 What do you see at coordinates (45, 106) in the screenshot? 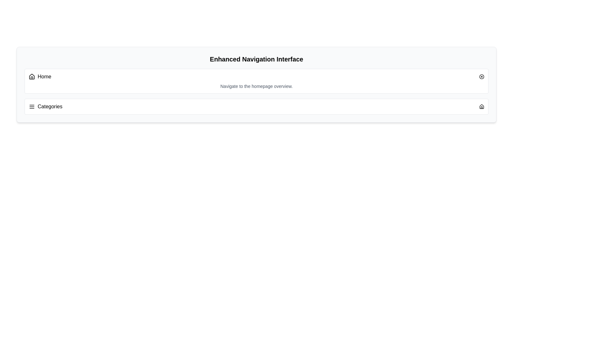
I see `the 'Categories' text label located in the top-left corner of the secondary navigation area` at bounding box center [45, 106].